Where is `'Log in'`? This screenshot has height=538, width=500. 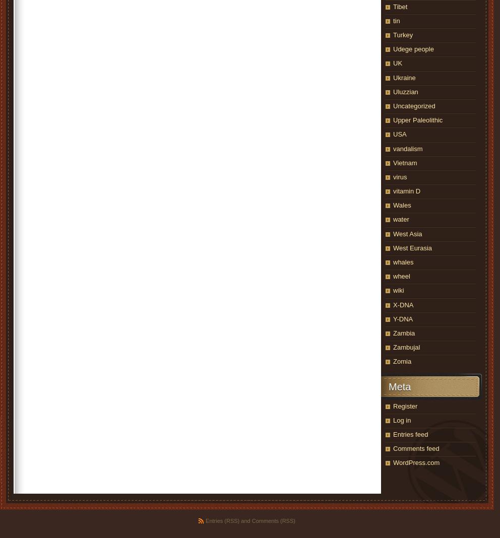
'Log in' is located at coordinates (402, 419).